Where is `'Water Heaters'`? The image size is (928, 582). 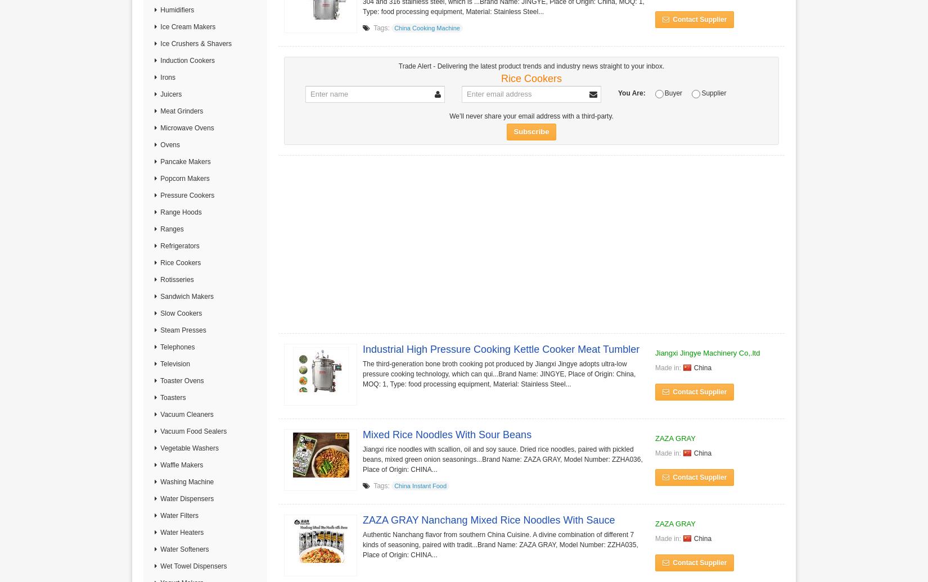
'Water Heaters' is located at coordinates (181, 533).